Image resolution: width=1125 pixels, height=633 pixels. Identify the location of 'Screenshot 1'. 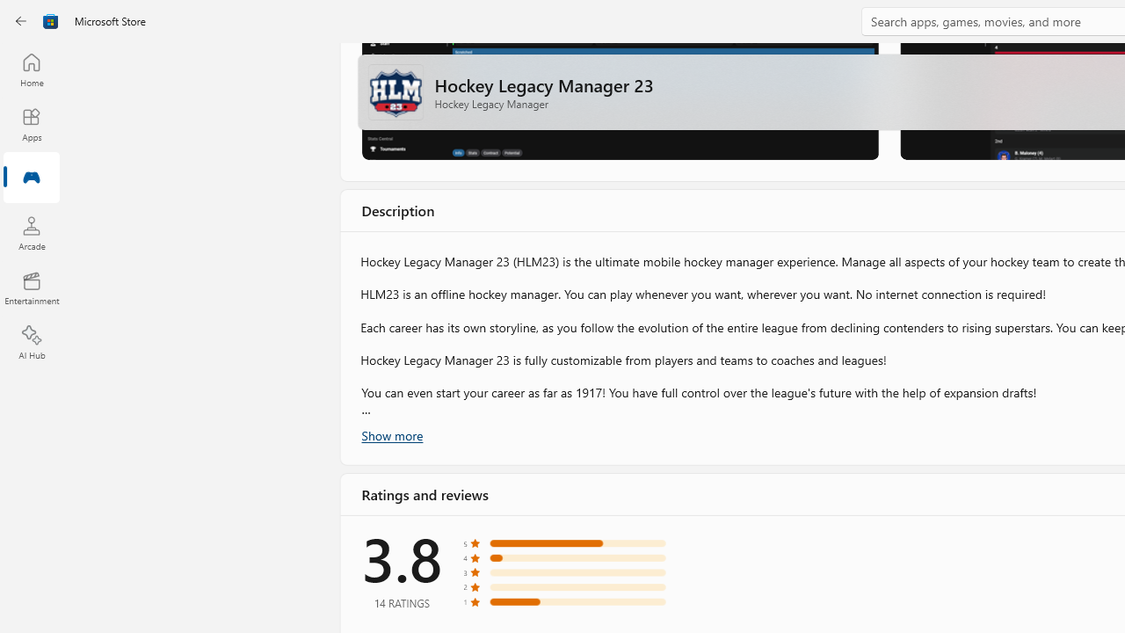
(619, 100).